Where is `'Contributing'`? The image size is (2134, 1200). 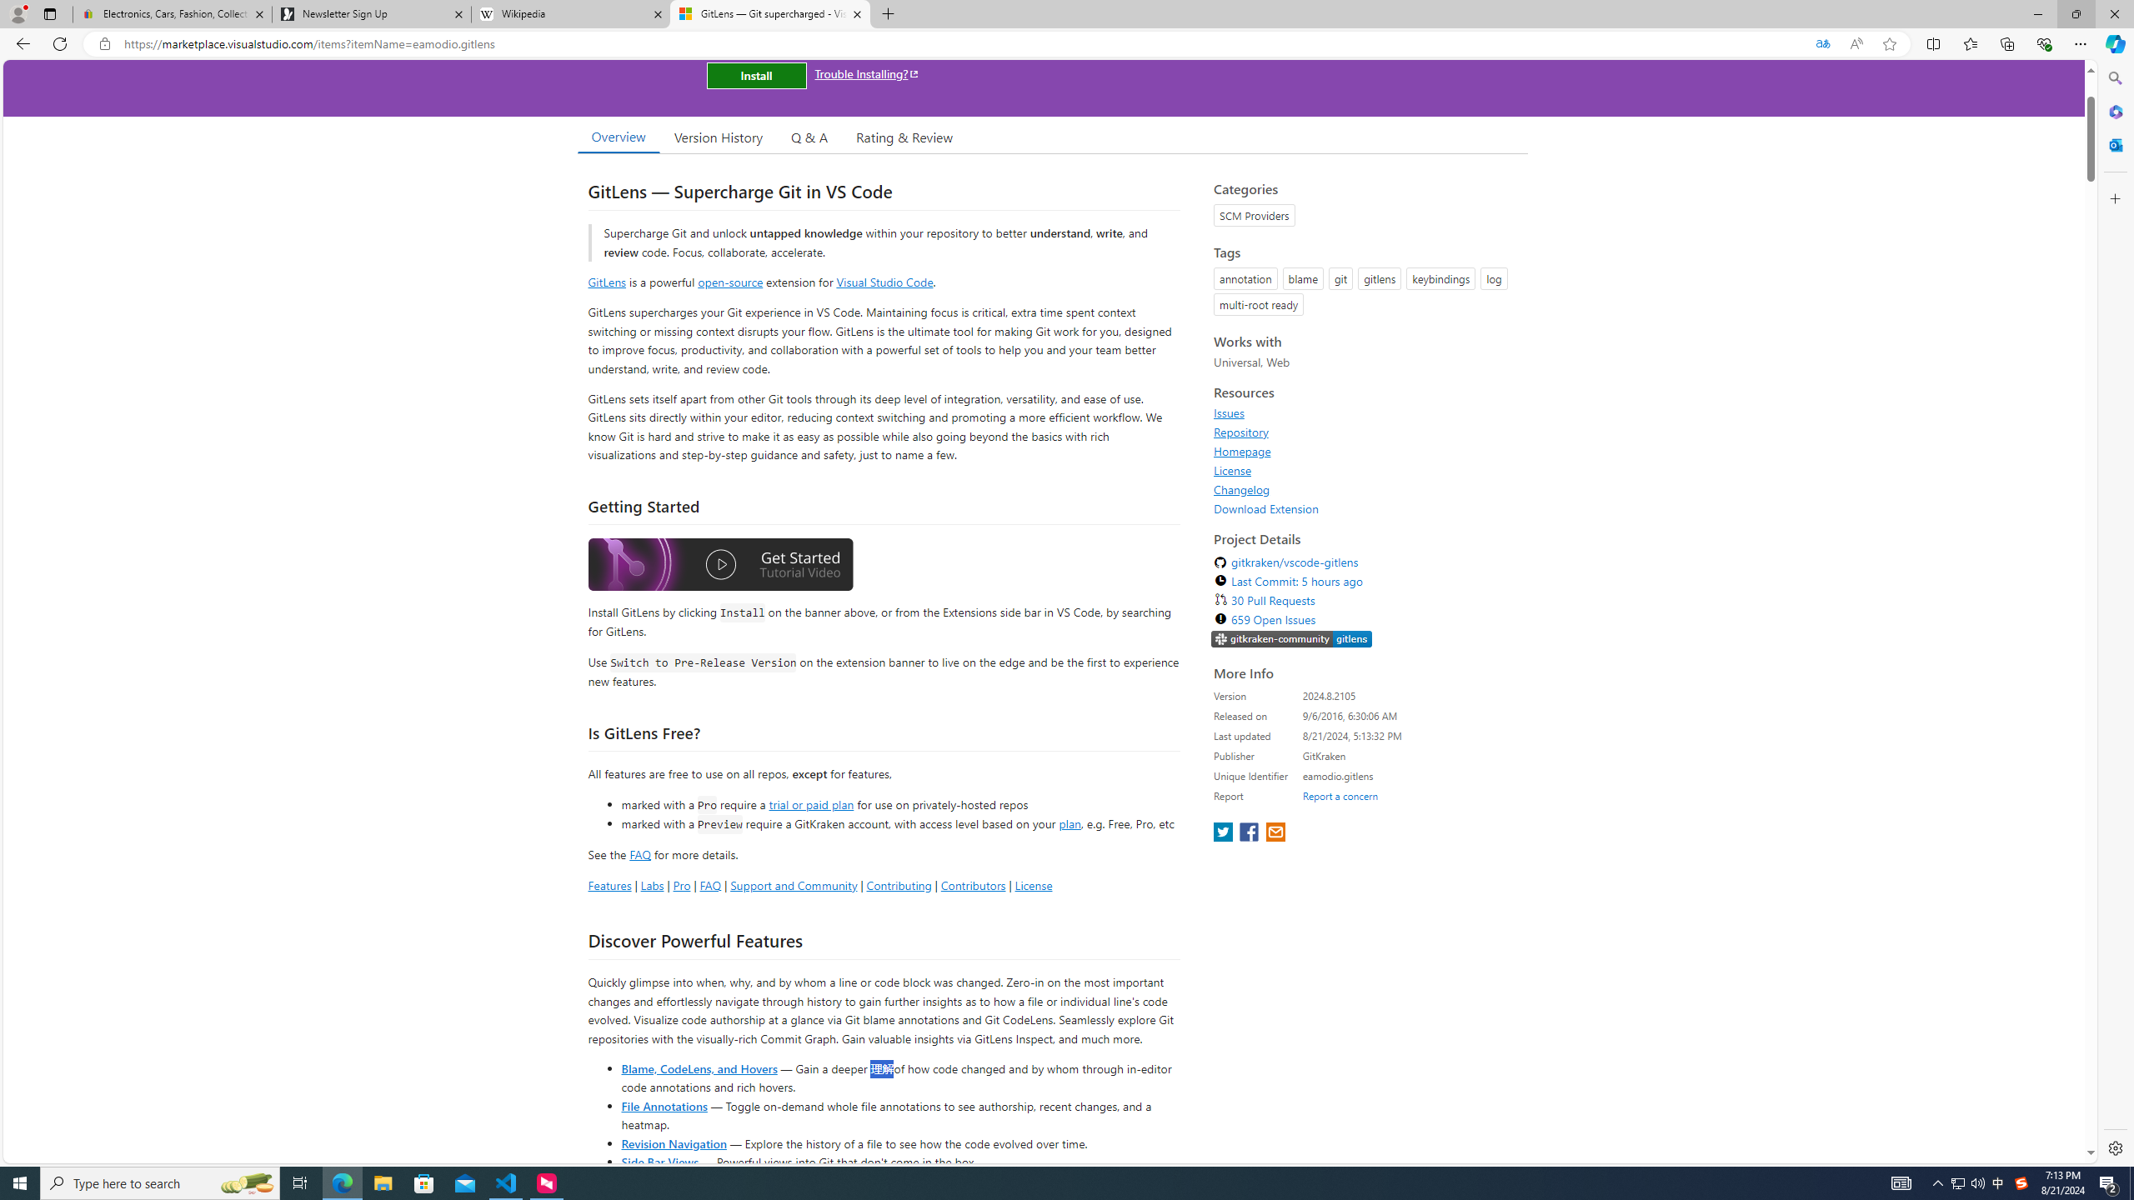 'Contributing' is located at coordinates (899, 884).